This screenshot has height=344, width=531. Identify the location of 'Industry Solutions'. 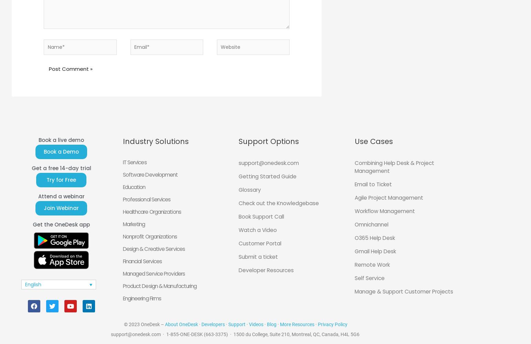
(155, 141).